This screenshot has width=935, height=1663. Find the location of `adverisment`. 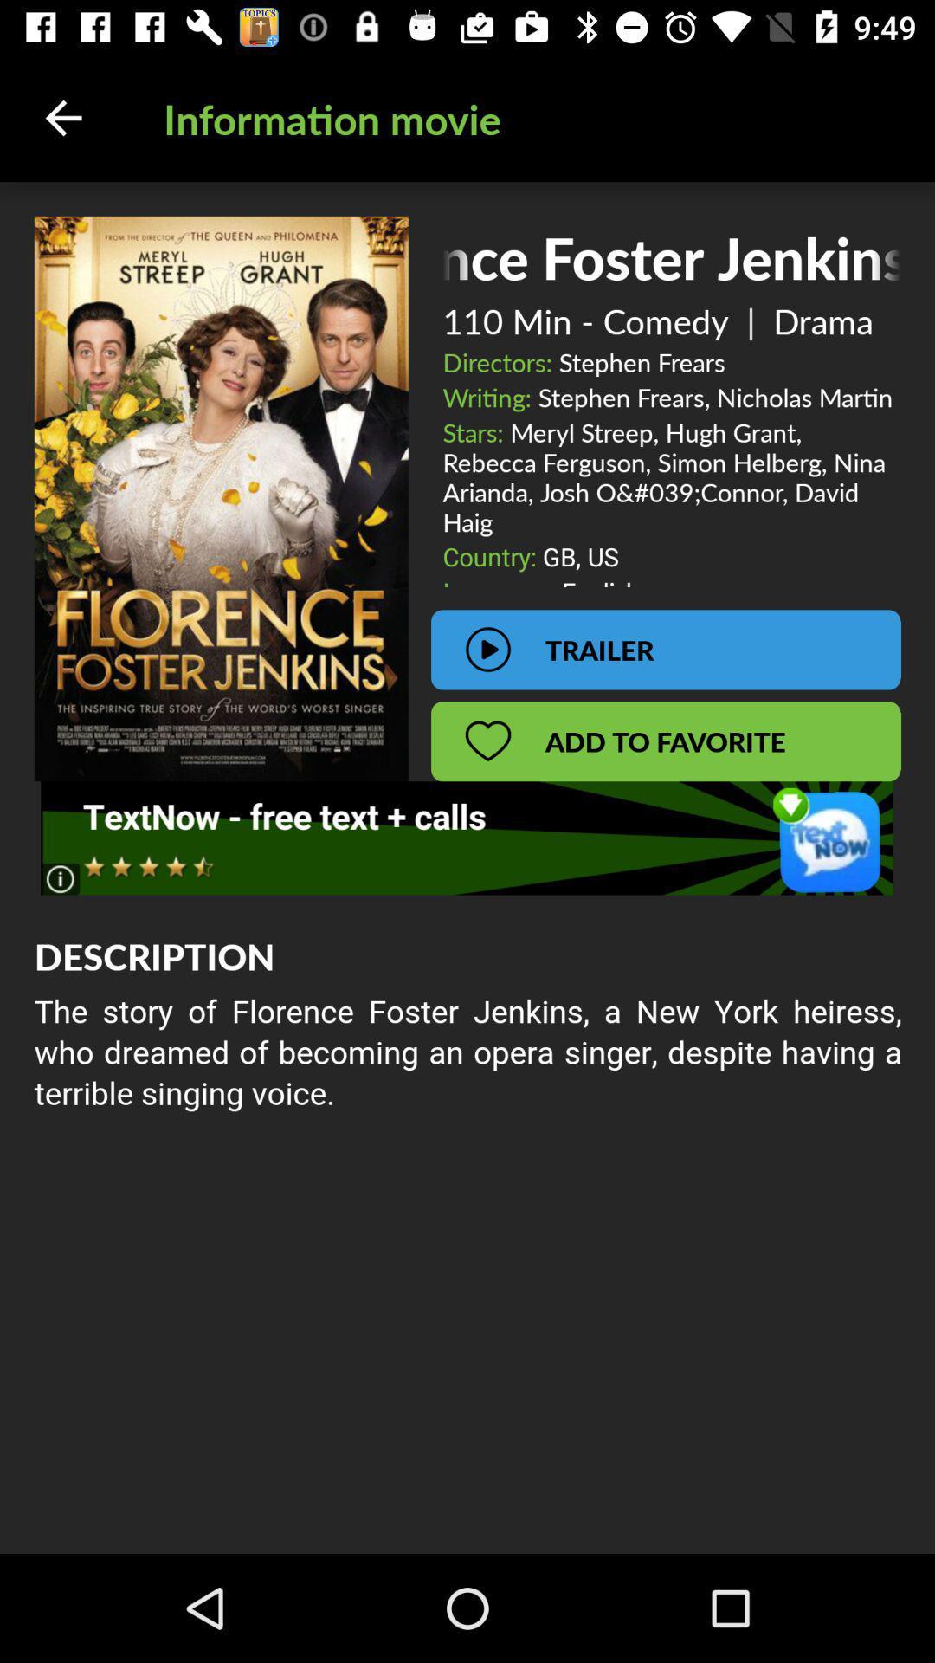

adverisment is located at coordinates (466, 838).